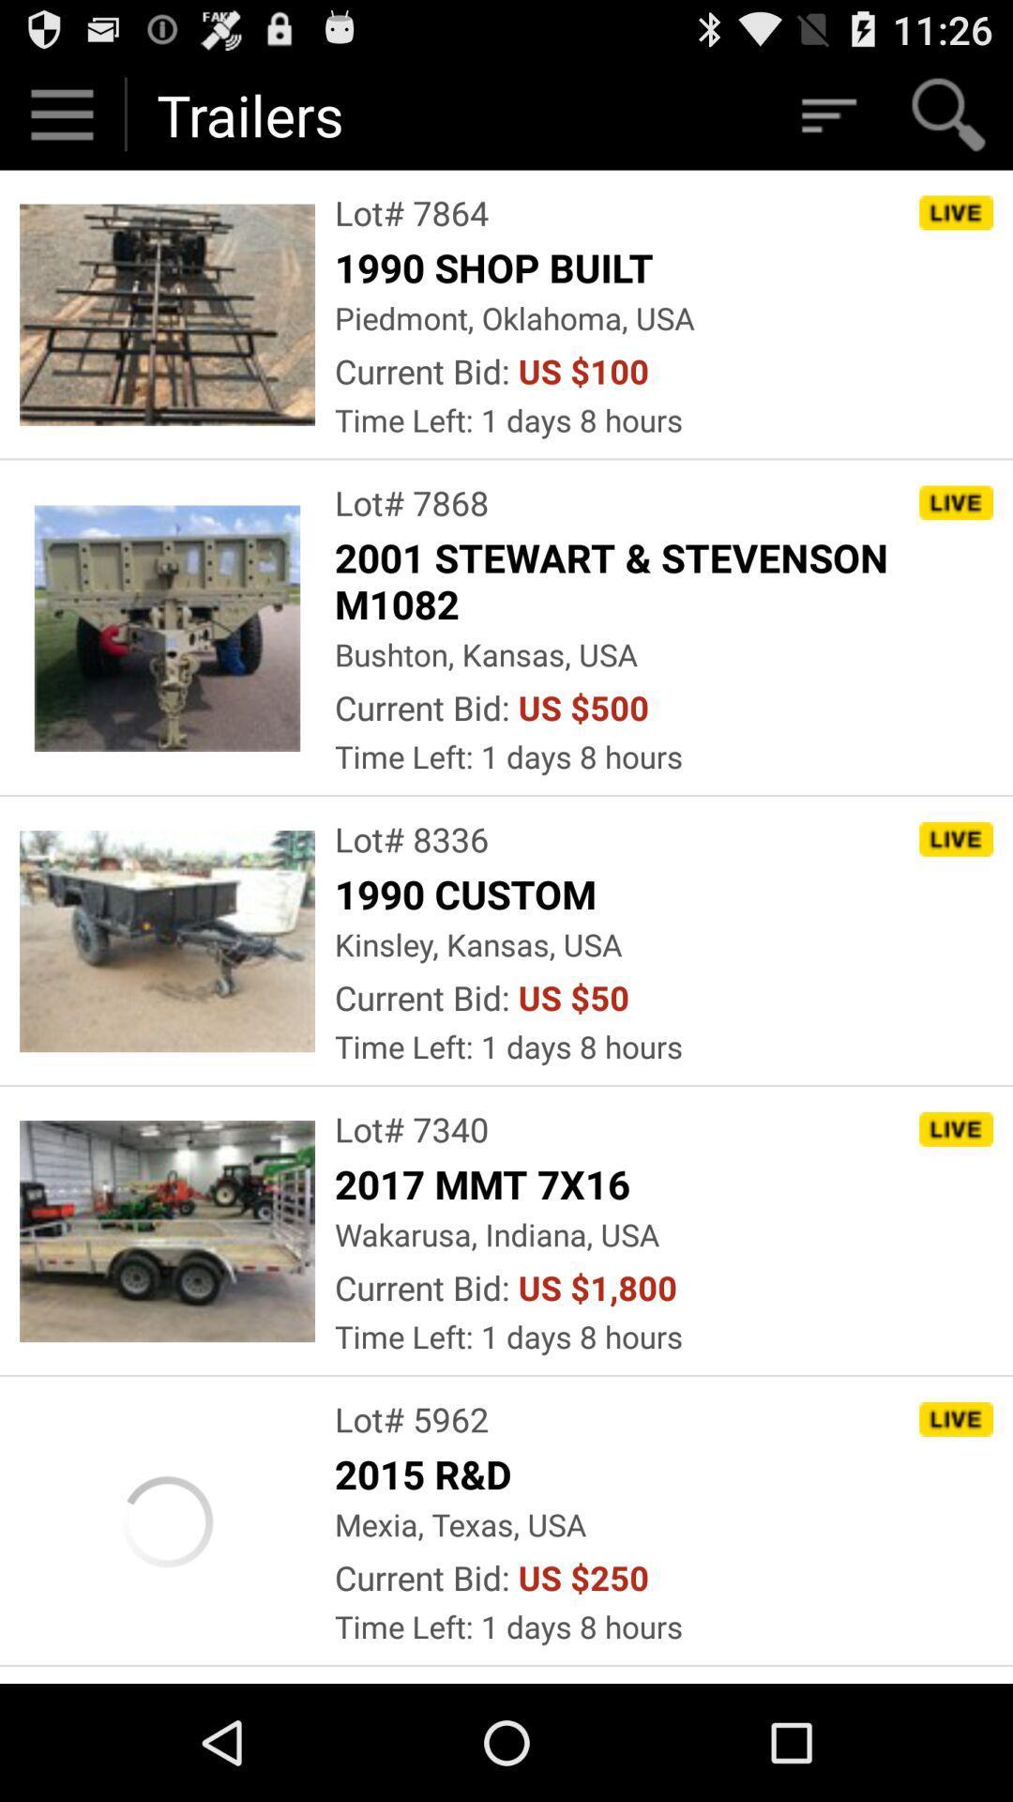 The height and width of the screenshot is (1802, 1013). What do you see at coordinates (61, 121) in the screenshot?
I see `the menu icon` at bounding box center [61, 121].